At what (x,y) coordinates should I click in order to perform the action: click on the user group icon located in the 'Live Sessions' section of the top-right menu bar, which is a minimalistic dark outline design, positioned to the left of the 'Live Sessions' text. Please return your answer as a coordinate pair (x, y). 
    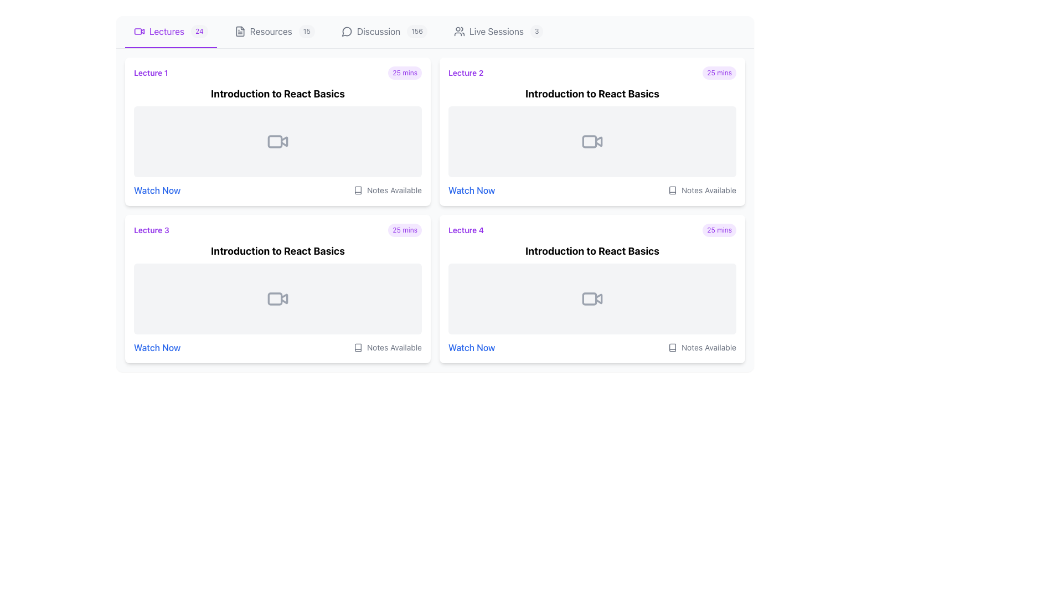
    Looking at the image, I should click on (459, 31).